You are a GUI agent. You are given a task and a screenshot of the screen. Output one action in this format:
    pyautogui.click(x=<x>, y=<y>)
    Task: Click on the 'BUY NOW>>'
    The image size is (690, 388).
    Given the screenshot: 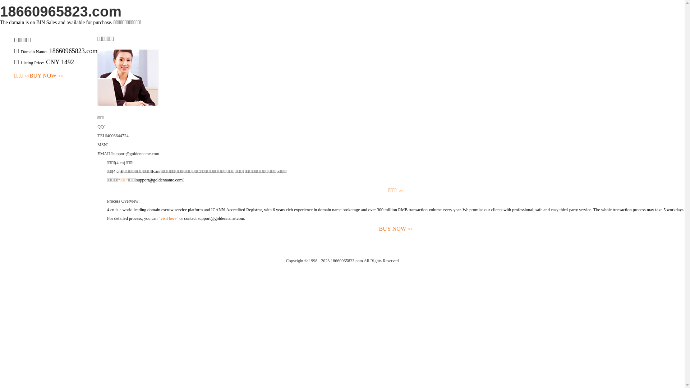 What is the action you would take?
    pyautogui.click(x=46, y=76)
    